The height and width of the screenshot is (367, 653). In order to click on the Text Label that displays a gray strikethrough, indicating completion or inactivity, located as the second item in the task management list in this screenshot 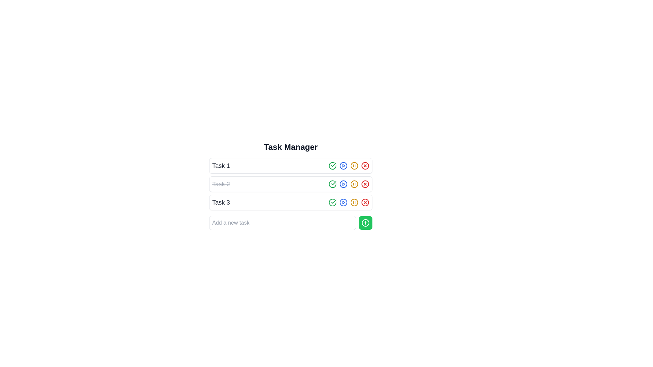, I will do `click(221, 184)`.